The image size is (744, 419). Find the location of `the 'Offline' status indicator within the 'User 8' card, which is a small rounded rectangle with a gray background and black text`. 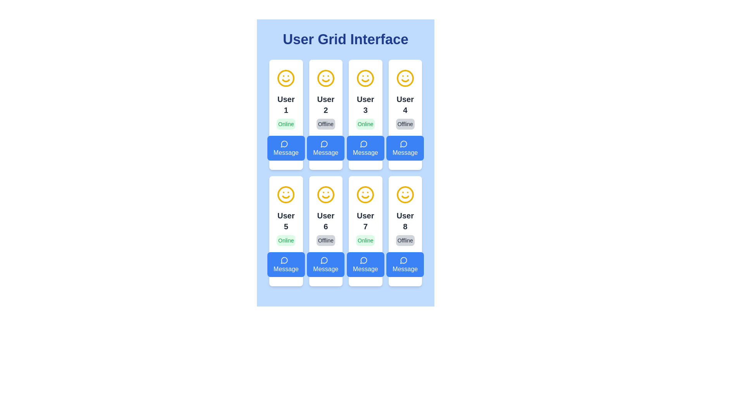

the 'Offline' status indicator within the 'User 8' card, which is a small rounded rectangle with a gray background and black text is located at coordinates (405, 240).